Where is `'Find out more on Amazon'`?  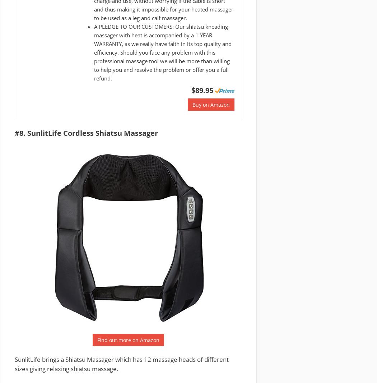
'Find out more on Amazon' is located at coordinates (128, 340).